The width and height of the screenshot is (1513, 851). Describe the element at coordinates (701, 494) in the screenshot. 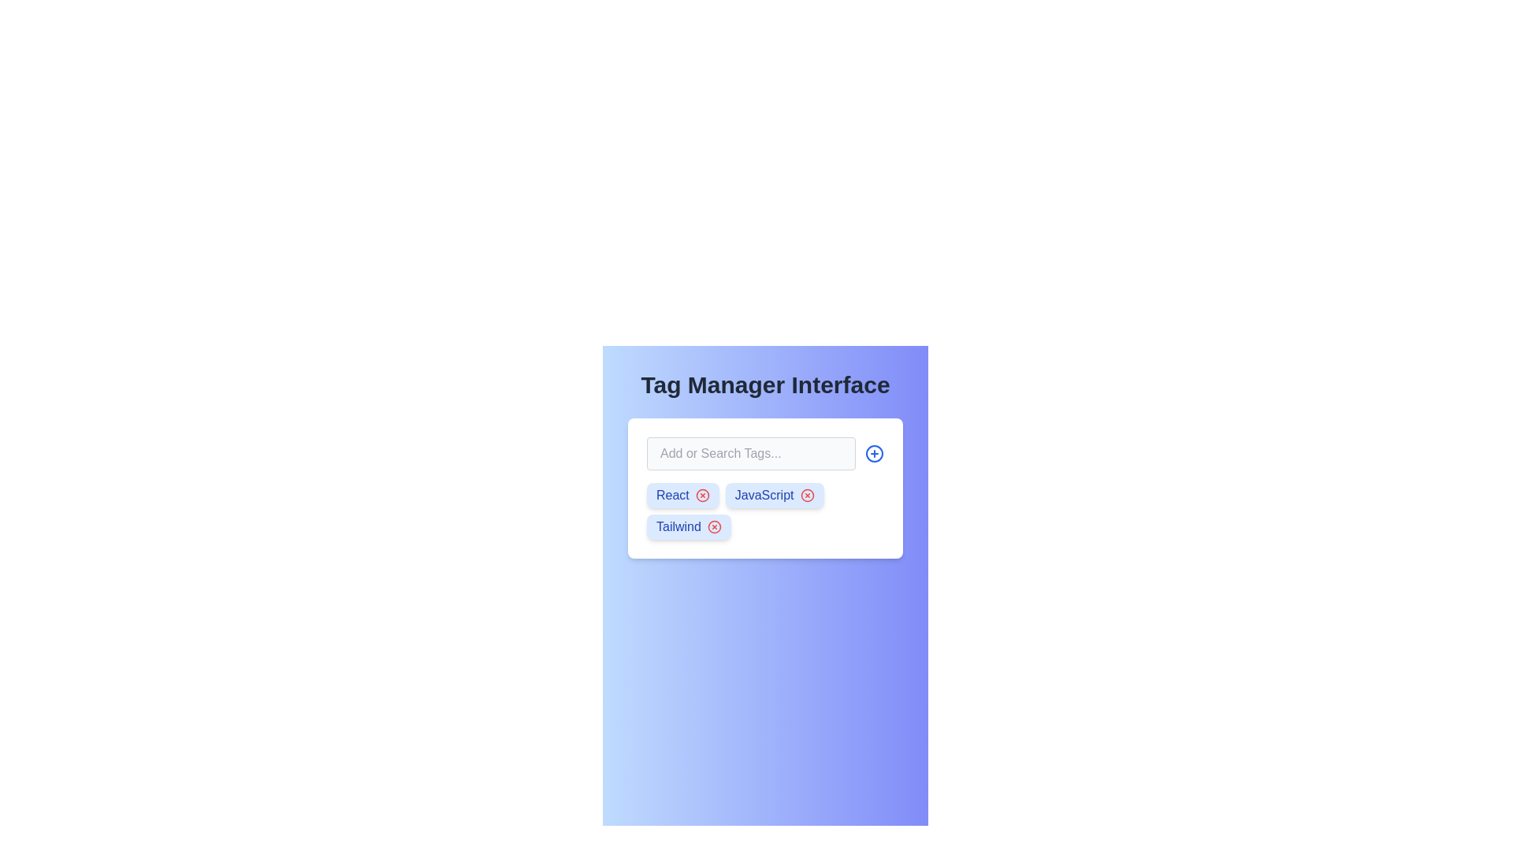

I see `the circular icon button with a red 'X' symbol, located to the right of the 'React' label in the tag list` at that location.